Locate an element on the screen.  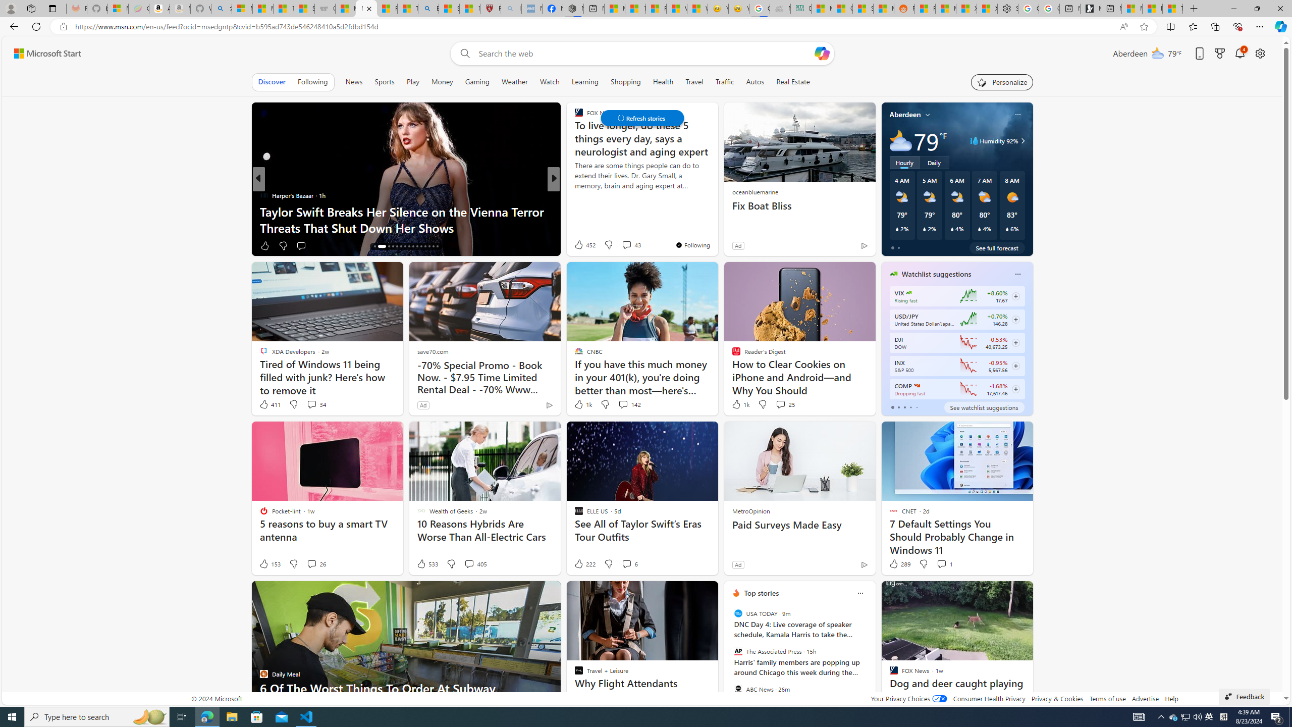
'Shopping' is located at coordinates (625, 81).